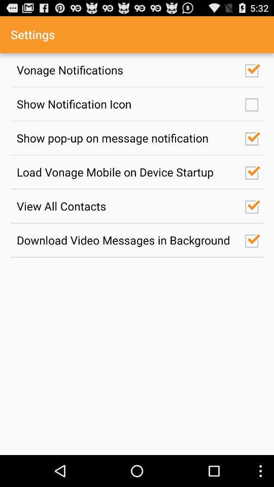 The width and height of the screenshot is (274, 487). Describe the element at coordinates (125, 172) in the screenshot. I see `load vonage mobile icon` at that location.